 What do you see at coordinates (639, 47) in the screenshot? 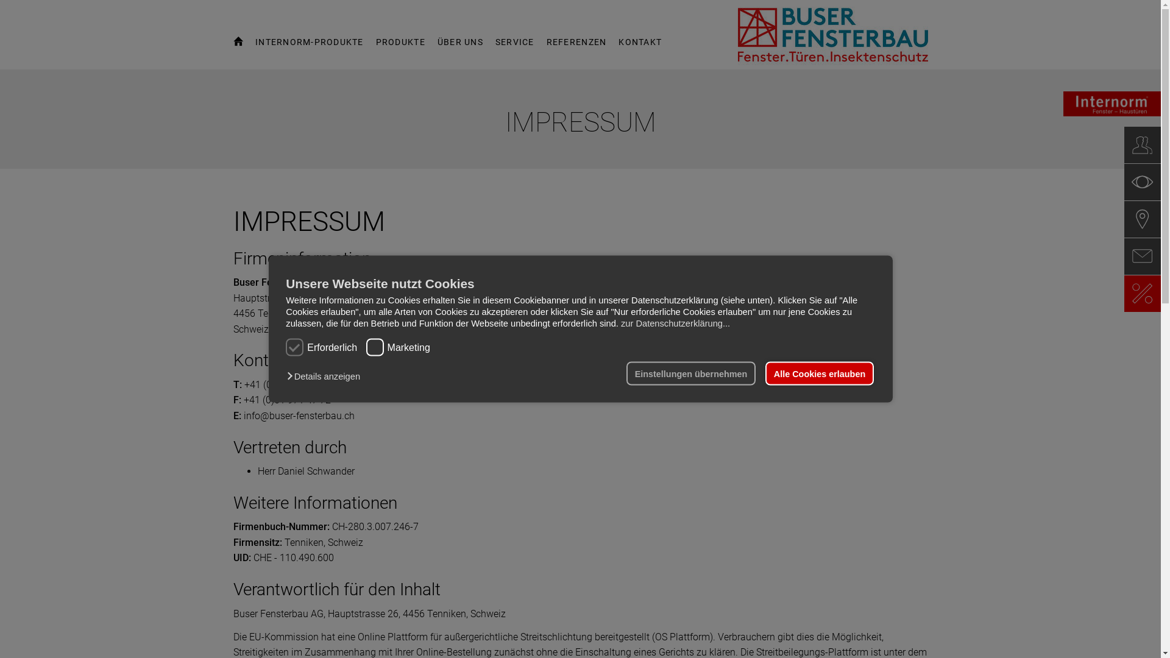
I see `'KONTAKT'` at bounding box center [639, 47].